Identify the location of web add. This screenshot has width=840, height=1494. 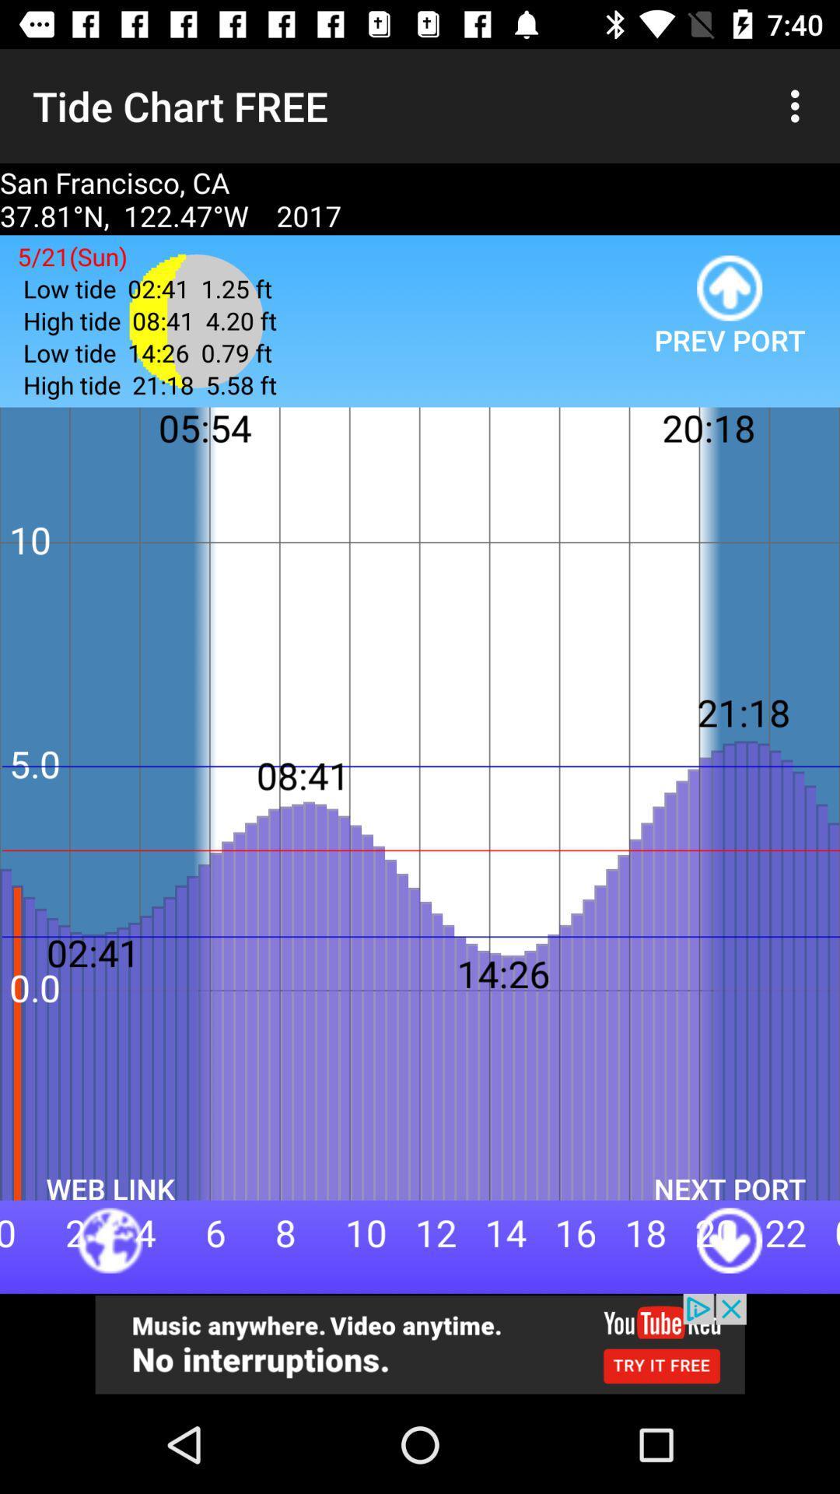
(420, 1344).